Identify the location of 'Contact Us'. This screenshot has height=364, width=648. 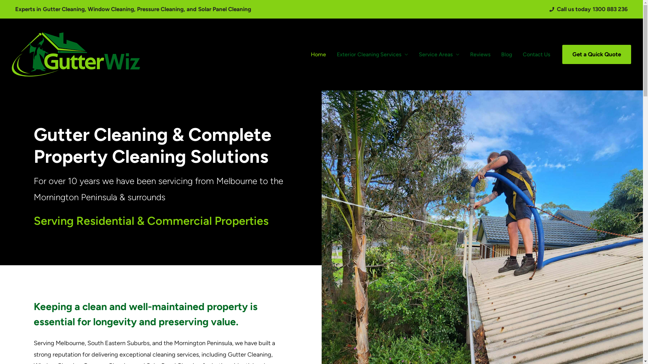
(536, 54).